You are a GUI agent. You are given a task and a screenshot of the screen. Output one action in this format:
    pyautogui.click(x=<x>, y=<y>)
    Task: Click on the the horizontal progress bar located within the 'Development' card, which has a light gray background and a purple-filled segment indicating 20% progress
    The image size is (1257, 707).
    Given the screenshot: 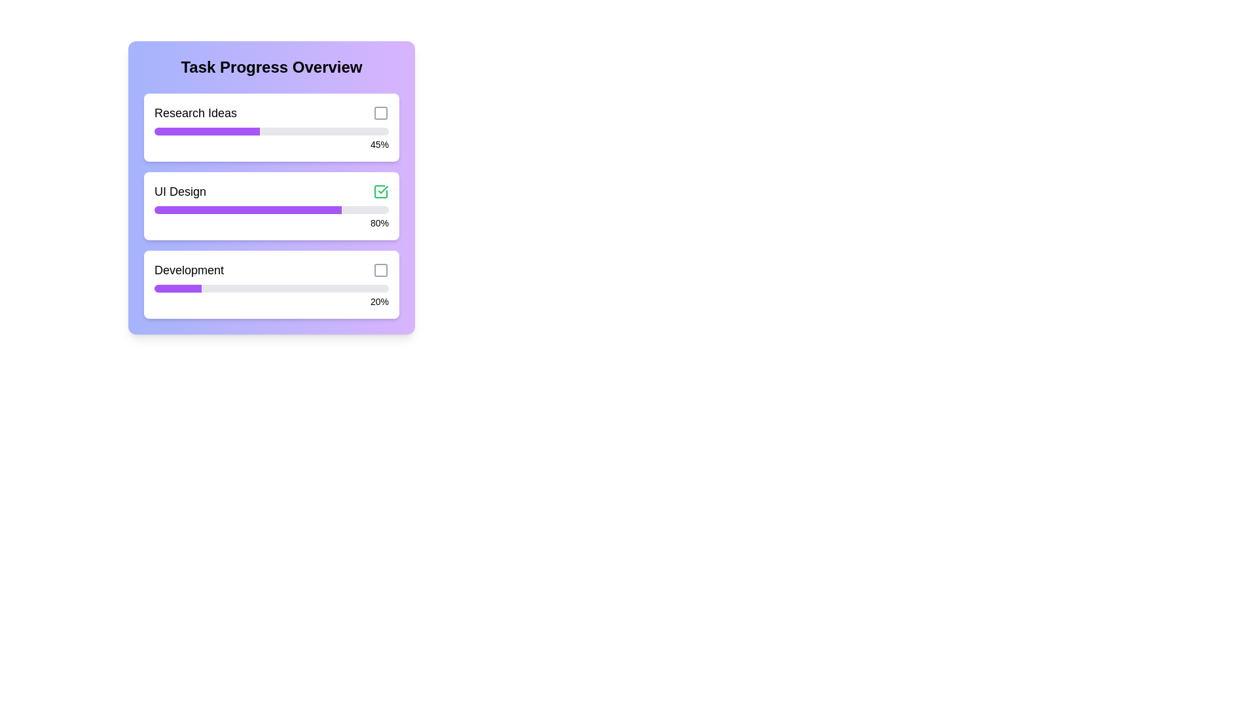 What is the action you would take?
    pyautogui.click(x=270, y=287)
    